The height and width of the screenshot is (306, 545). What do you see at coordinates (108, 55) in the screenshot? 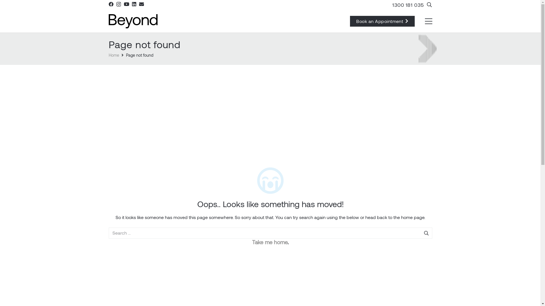
I see `'Home'` at bounding box center [108, 55].